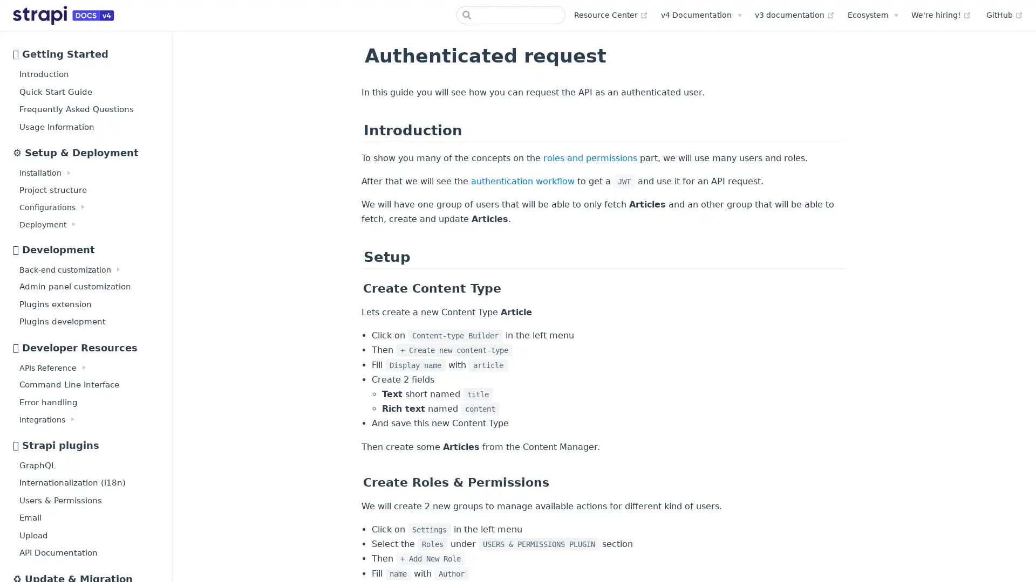  What do you see at coordinates (701, 15) in the screenshot?
I see `v4 Documentation` at bounding box center [701, 15].